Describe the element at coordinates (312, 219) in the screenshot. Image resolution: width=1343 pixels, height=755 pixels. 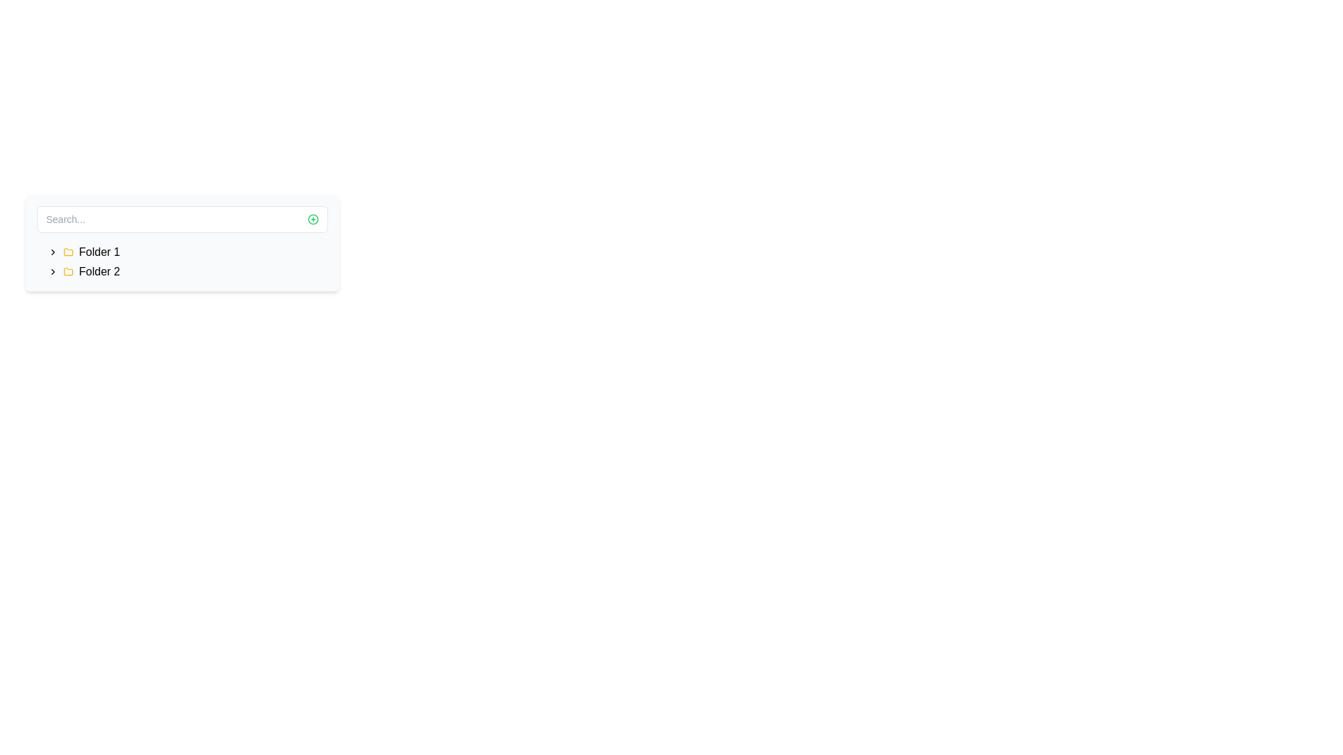
I see `the icon-based button located to the far-right of the search input box` at that location.